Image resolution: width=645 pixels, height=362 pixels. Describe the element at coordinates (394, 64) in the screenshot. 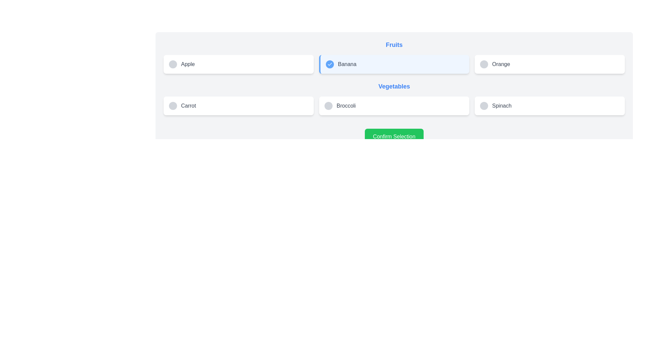

I see `the button labeled 'Banana'` at that location.